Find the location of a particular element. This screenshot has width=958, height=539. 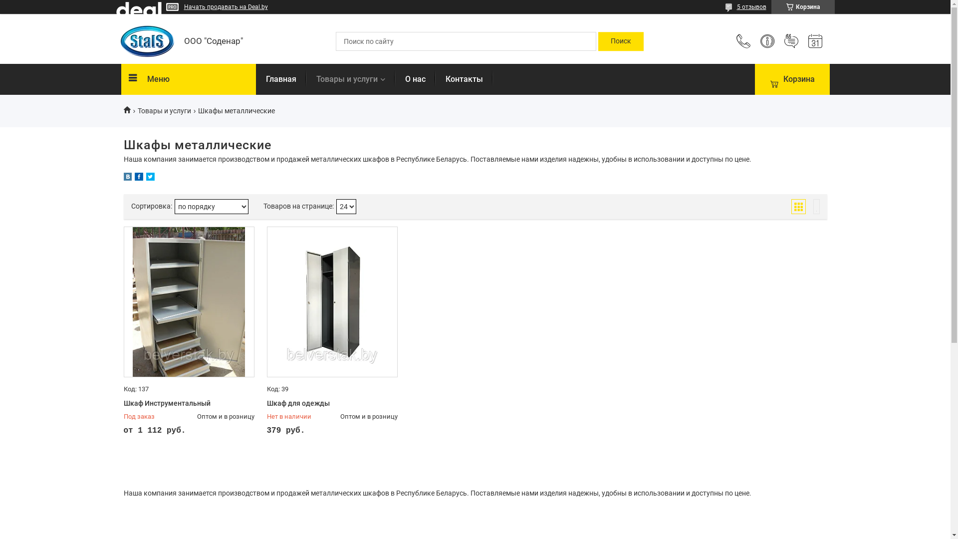

'facebook' is located at coordinates (138, 178).